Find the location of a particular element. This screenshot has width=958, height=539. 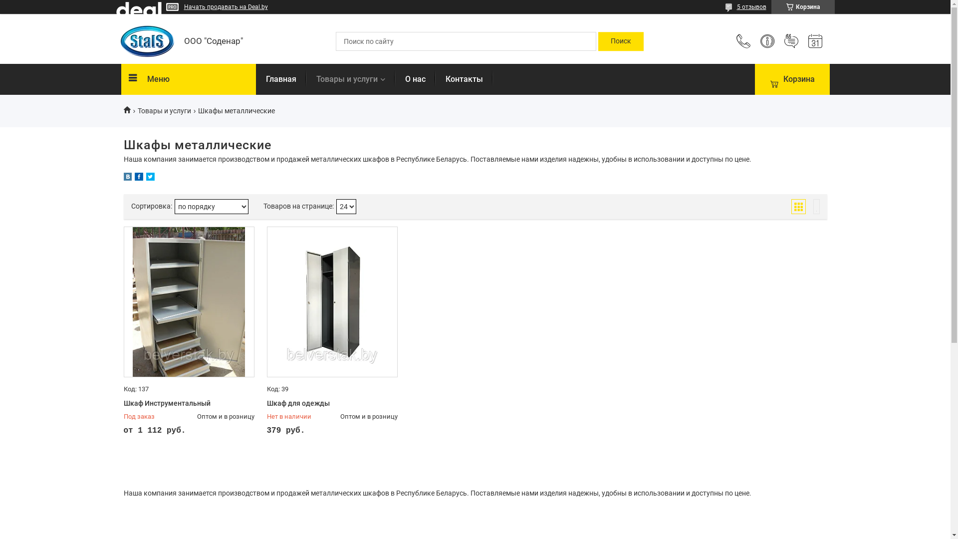

'facebook' is located at coordinates (138, 178).